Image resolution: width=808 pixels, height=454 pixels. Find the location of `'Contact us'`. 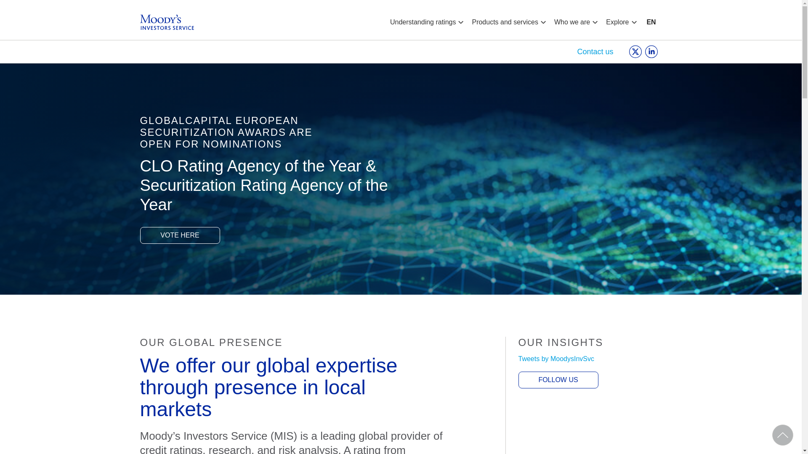

'Contact us' is located at coordinates (577, 52).